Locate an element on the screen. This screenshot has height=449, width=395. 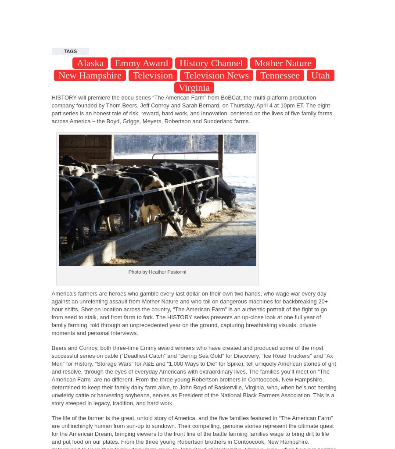
'History Channel' is located at coordinates (210, 62).